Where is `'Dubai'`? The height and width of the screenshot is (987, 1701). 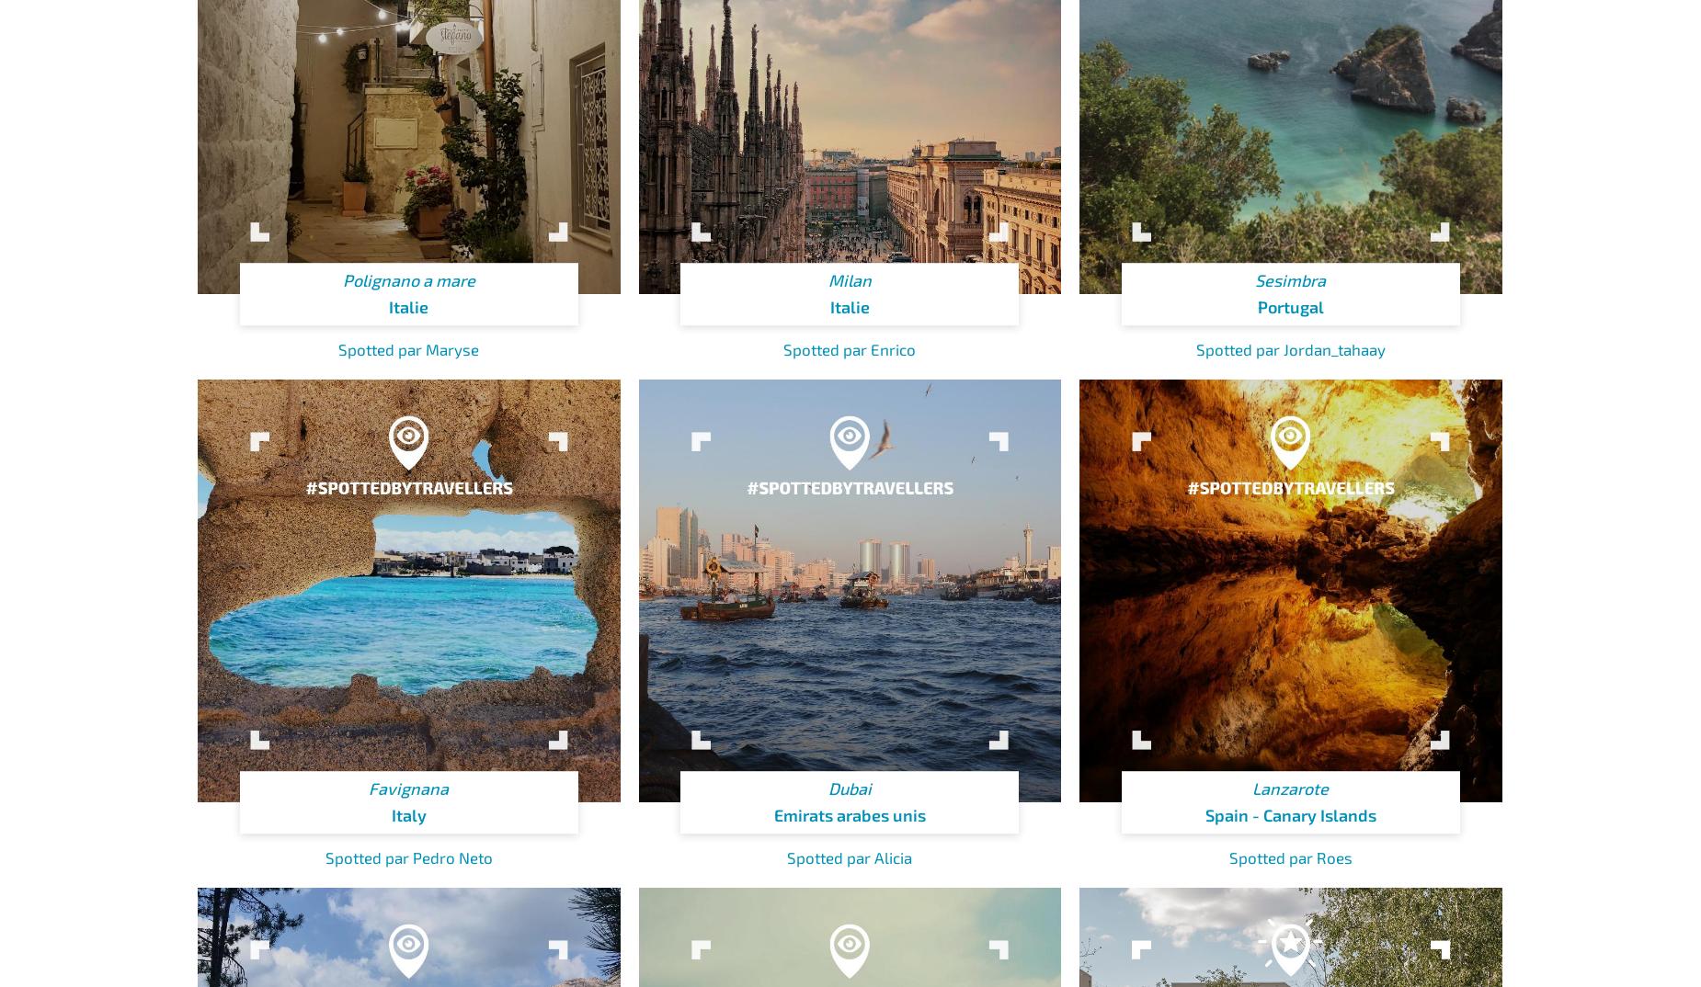
'Dubai' is located at coordinates (828, 788).